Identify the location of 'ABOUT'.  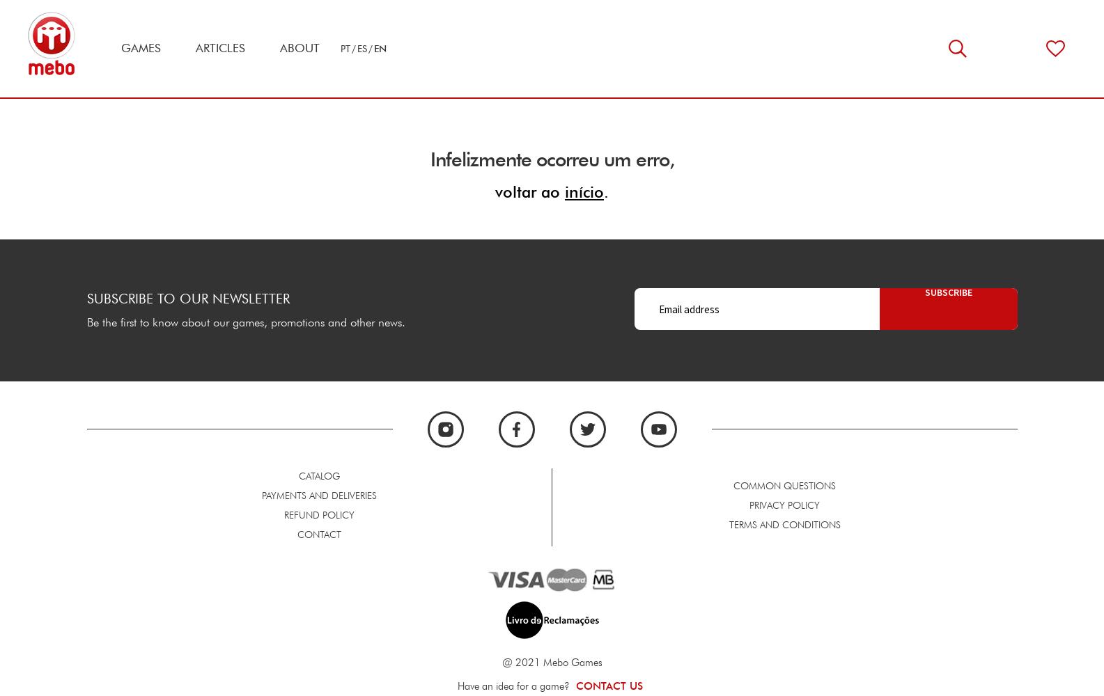
(299, 47).